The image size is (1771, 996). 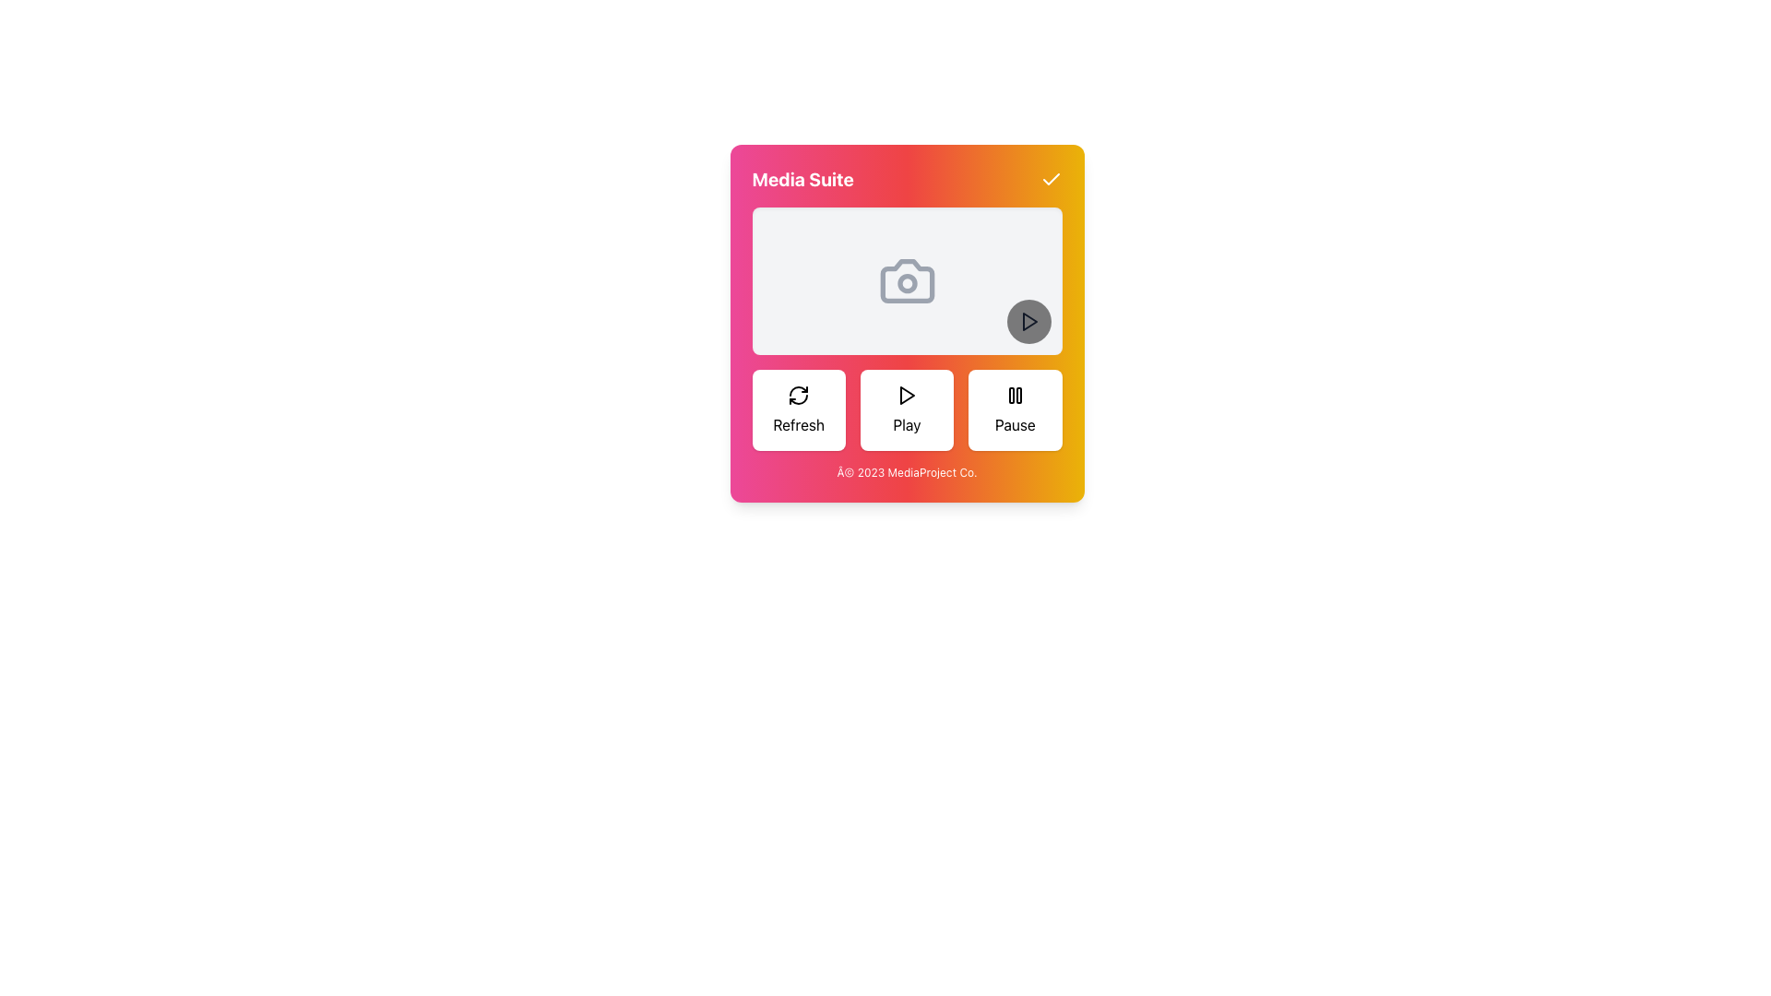 What do you see at coordinates (907, 280) in the screenshot?
I see `icon representing the feature for capturing or handling visual media, located in the top-middle region of the interface above the buttons labeled 'Refresh,' 'Play,' and 'Pause.'` at bounding box center [907, 280].